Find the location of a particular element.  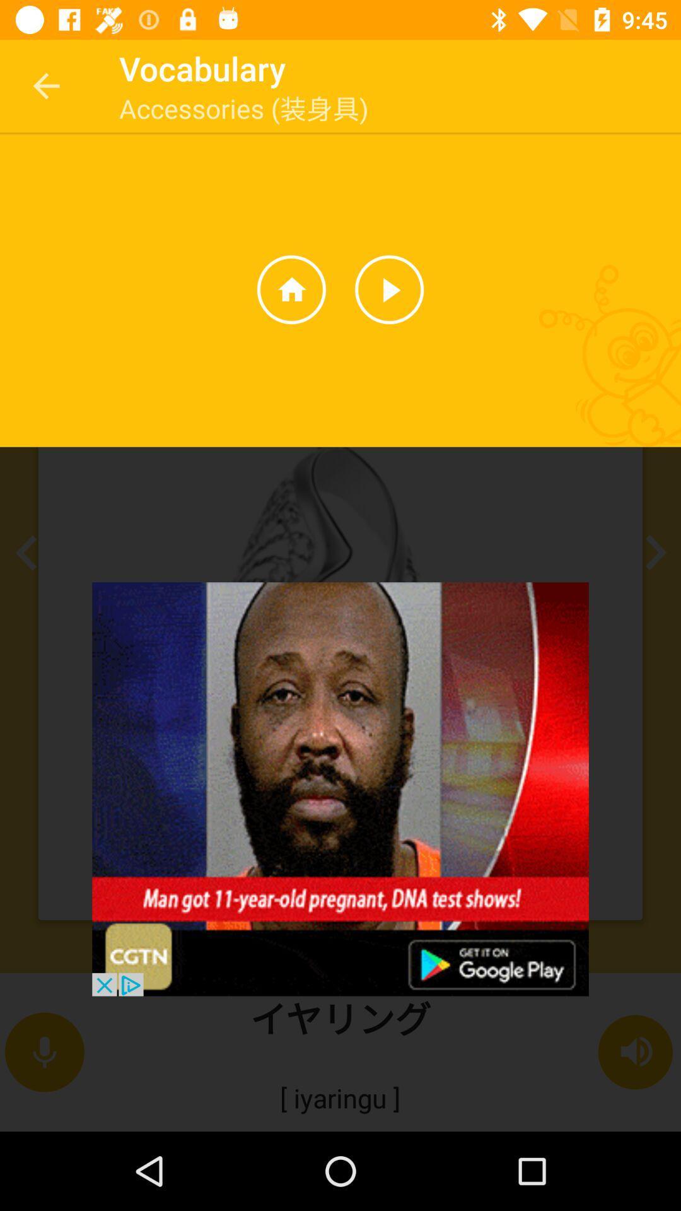

the volume icon is located at coordinates (636, 1052).